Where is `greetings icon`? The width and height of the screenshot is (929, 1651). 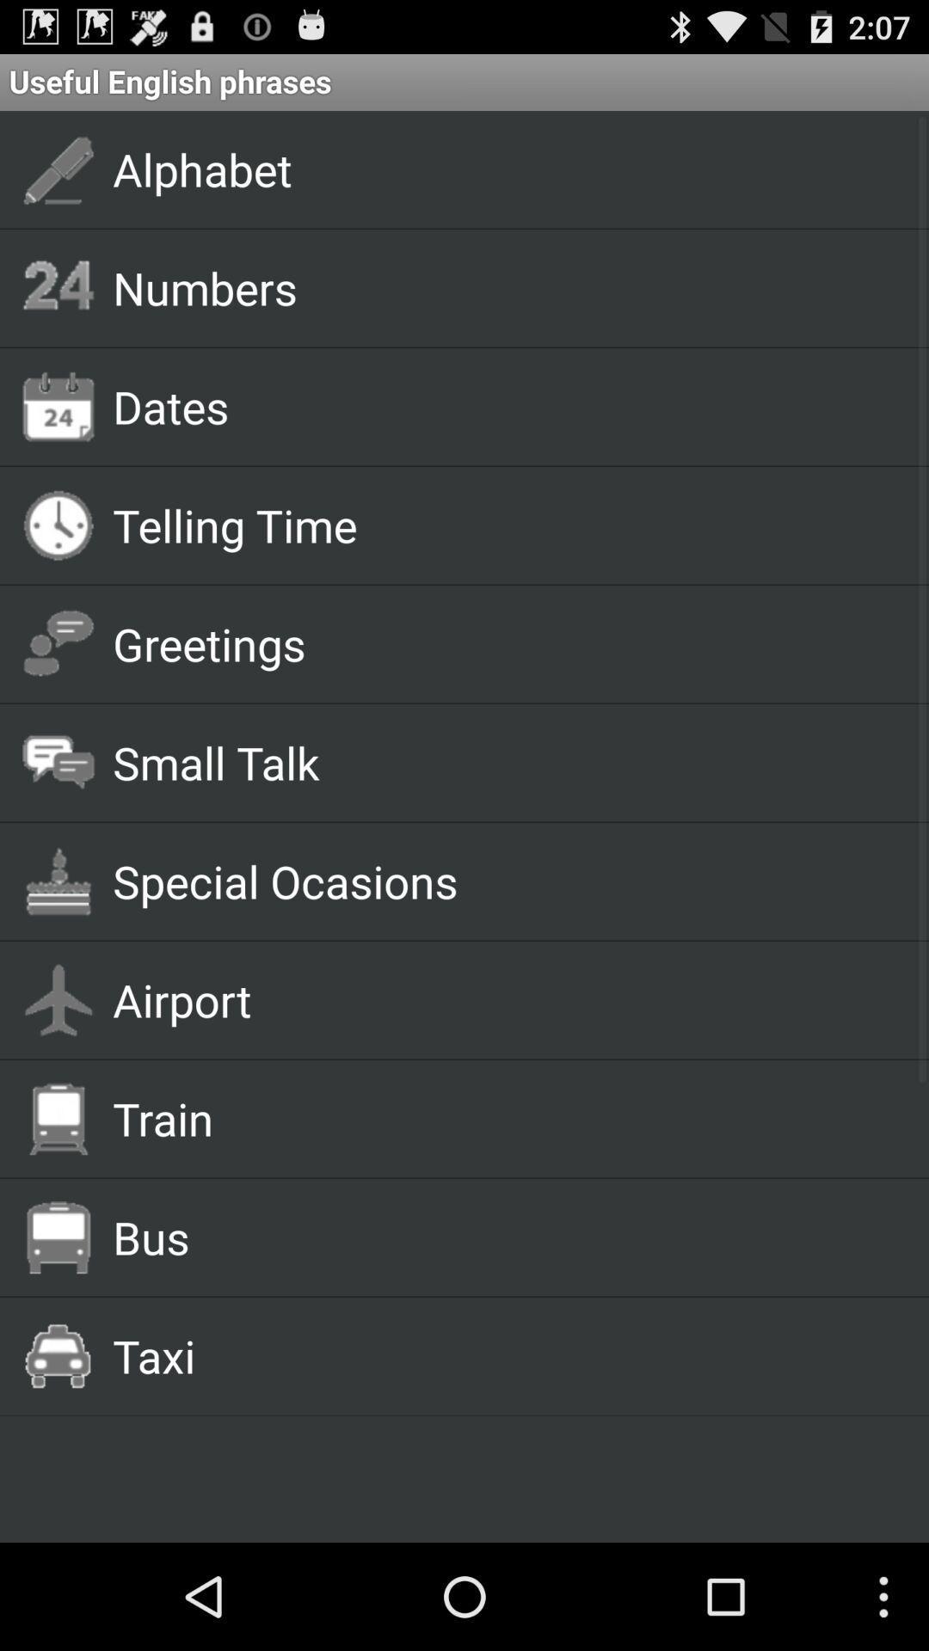 greetings icon is located at coordinates (501, 642).